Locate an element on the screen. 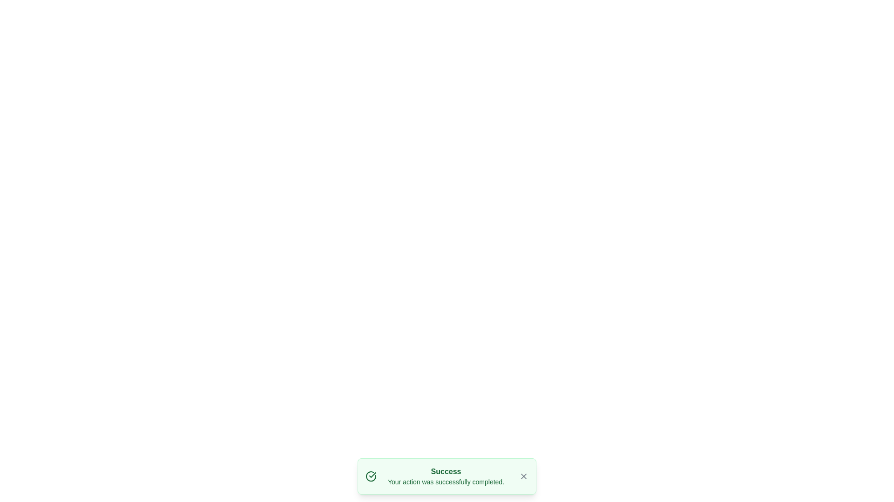  the feedback message Text Label located below the 'Success' text element, indicating a successful operation is located at coordinates (446, 482).